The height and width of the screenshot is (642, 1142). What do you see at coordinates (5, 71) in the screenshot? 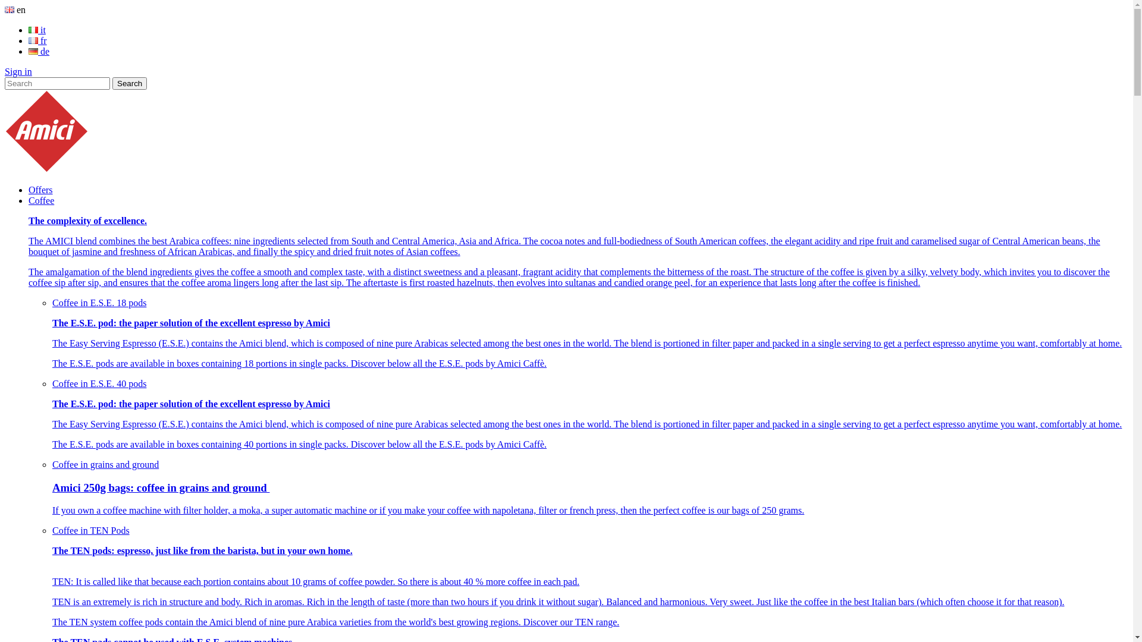
I see `'Sign in'` at bounding box center [5, 71].